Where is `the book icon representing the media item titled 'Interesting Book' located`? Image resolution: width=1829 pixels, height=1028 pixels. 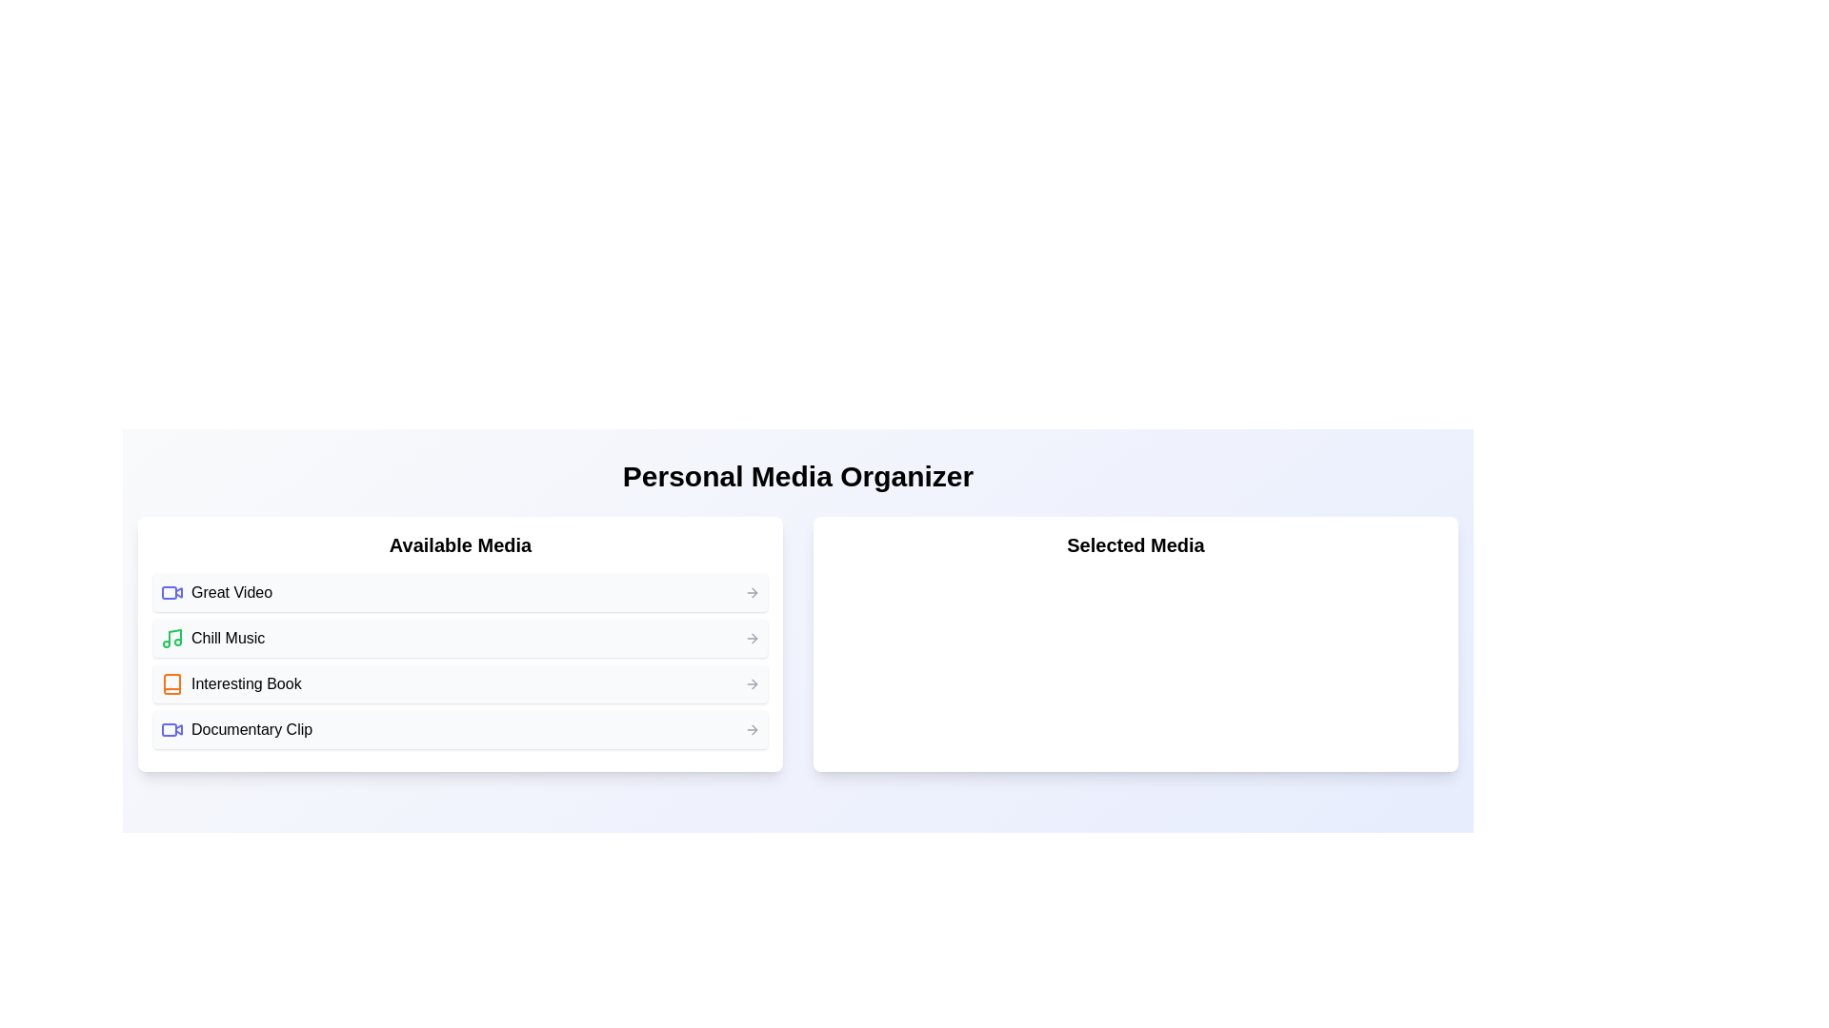 the book icon representing the media item titled 'Interesting Book' located is located at coordinates (172, 682).